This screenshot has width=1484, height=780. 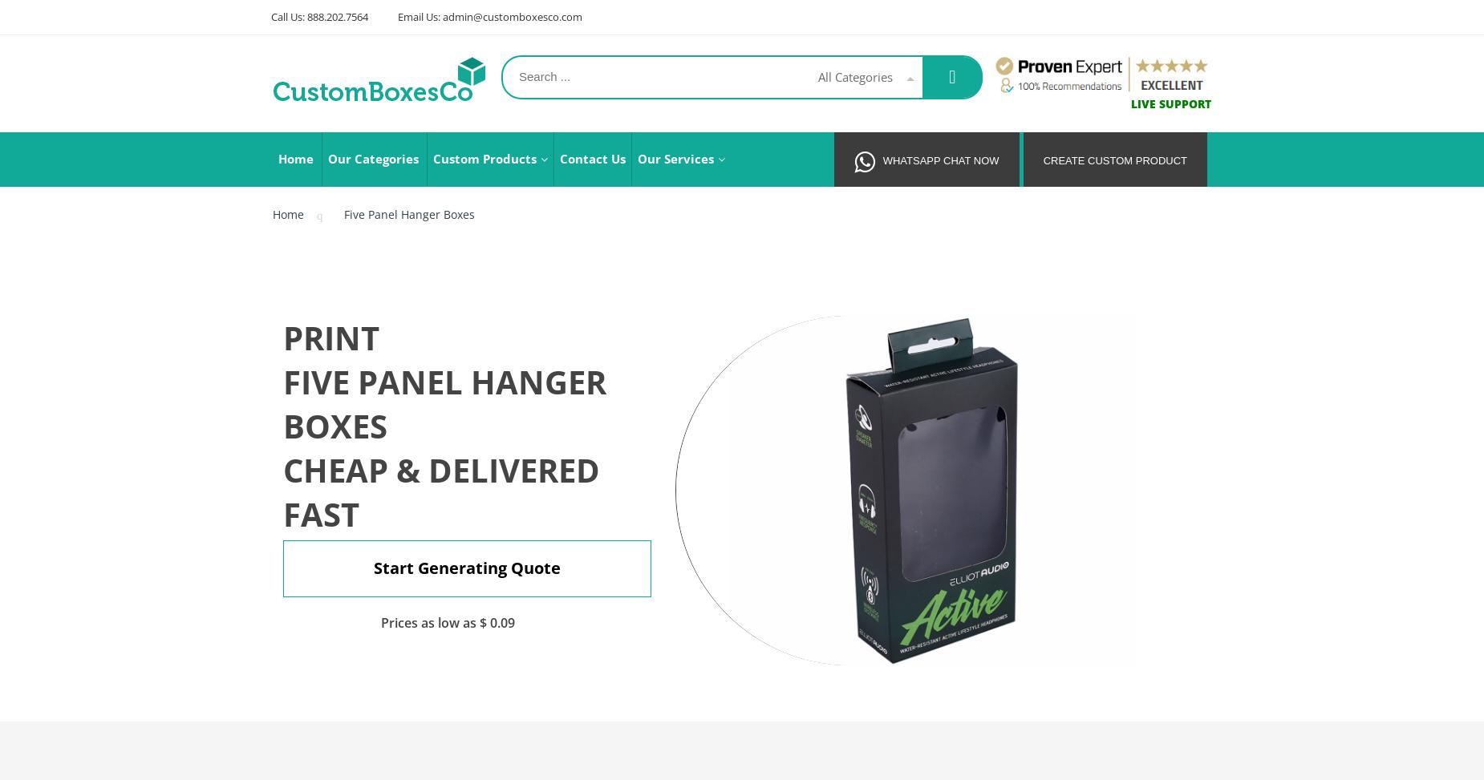 What do you see at coordinates (1171, 102) in the screenshot?
I see `'Live Support'` at bounding box center [1171, 102].